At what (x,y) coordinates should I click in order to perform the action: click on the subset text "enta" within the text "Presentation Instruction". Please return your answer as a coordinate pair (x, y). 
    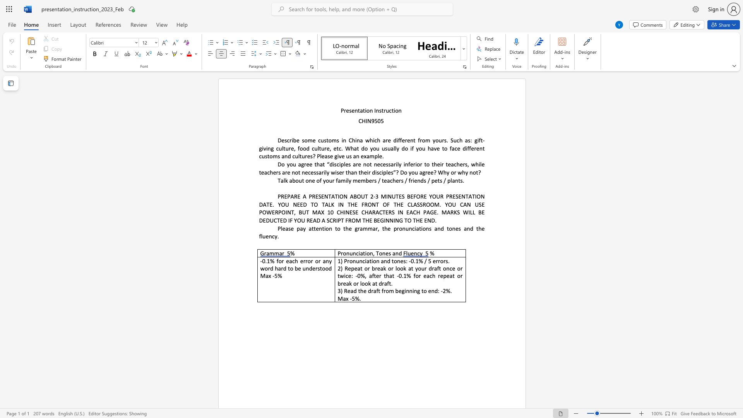
    Looking at the image, I should click on (351, 110).